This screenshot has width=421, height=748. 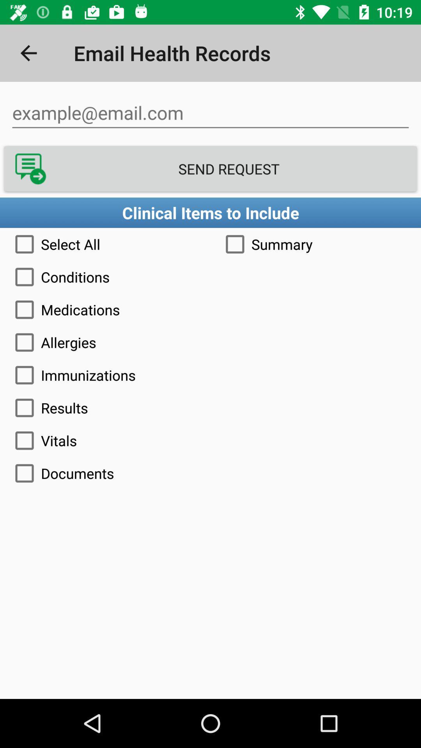 I want to click on icon above vitals item, so click(x=210, y=407).